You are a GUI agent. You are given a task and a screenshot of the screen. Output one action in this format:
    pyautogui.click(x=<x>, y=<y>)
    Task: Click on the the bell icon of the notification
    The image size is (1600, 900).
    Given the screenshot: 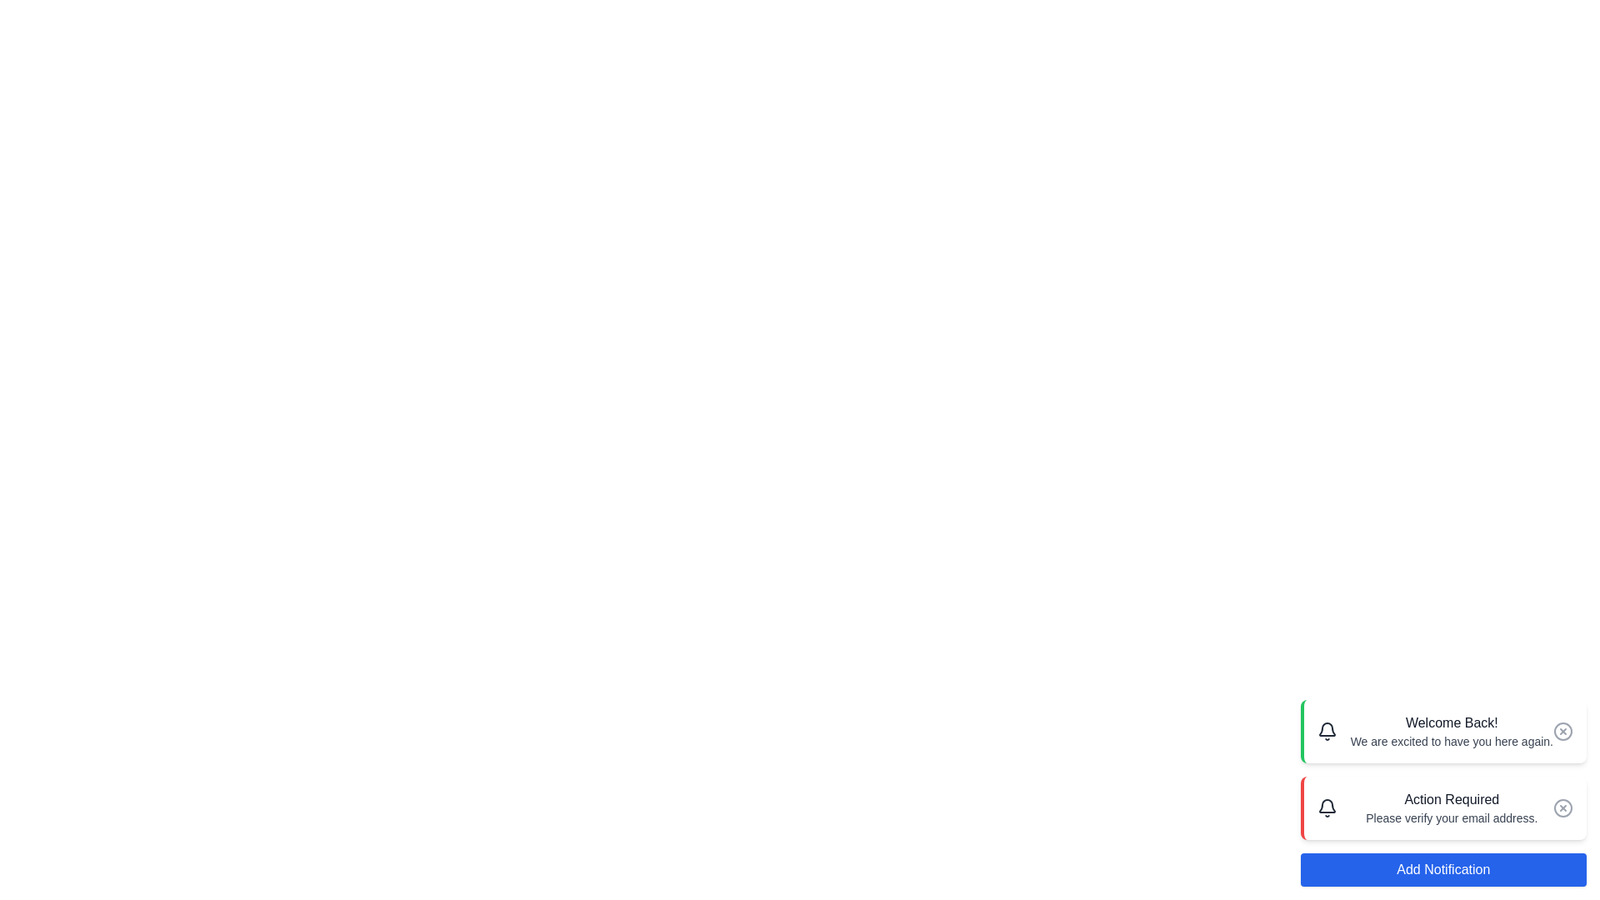 What is the action you would take?
    pyautogui.click(x=1326, y=731)
    